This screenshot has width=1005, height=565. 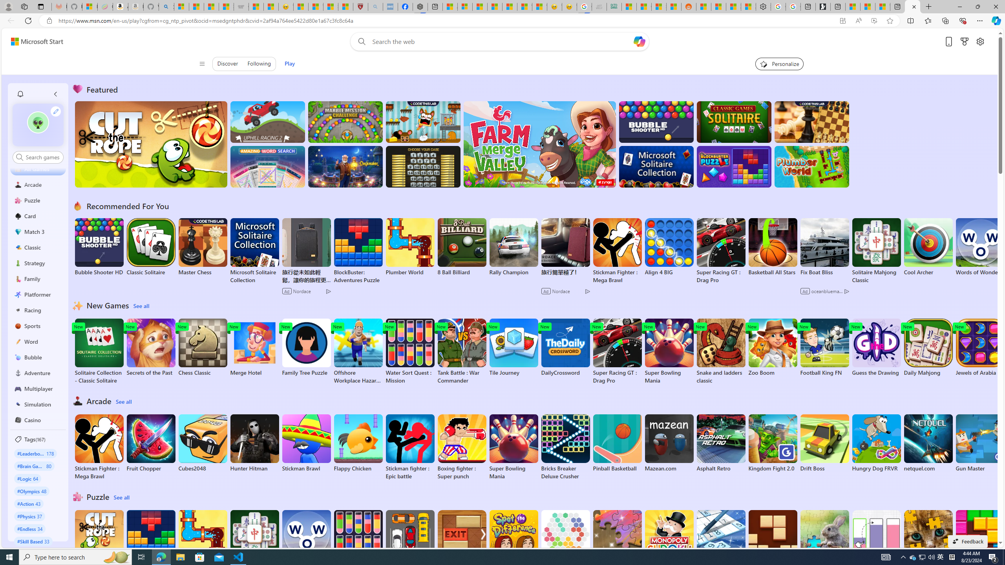 I want to click on '""', so click(x=37, y=124).